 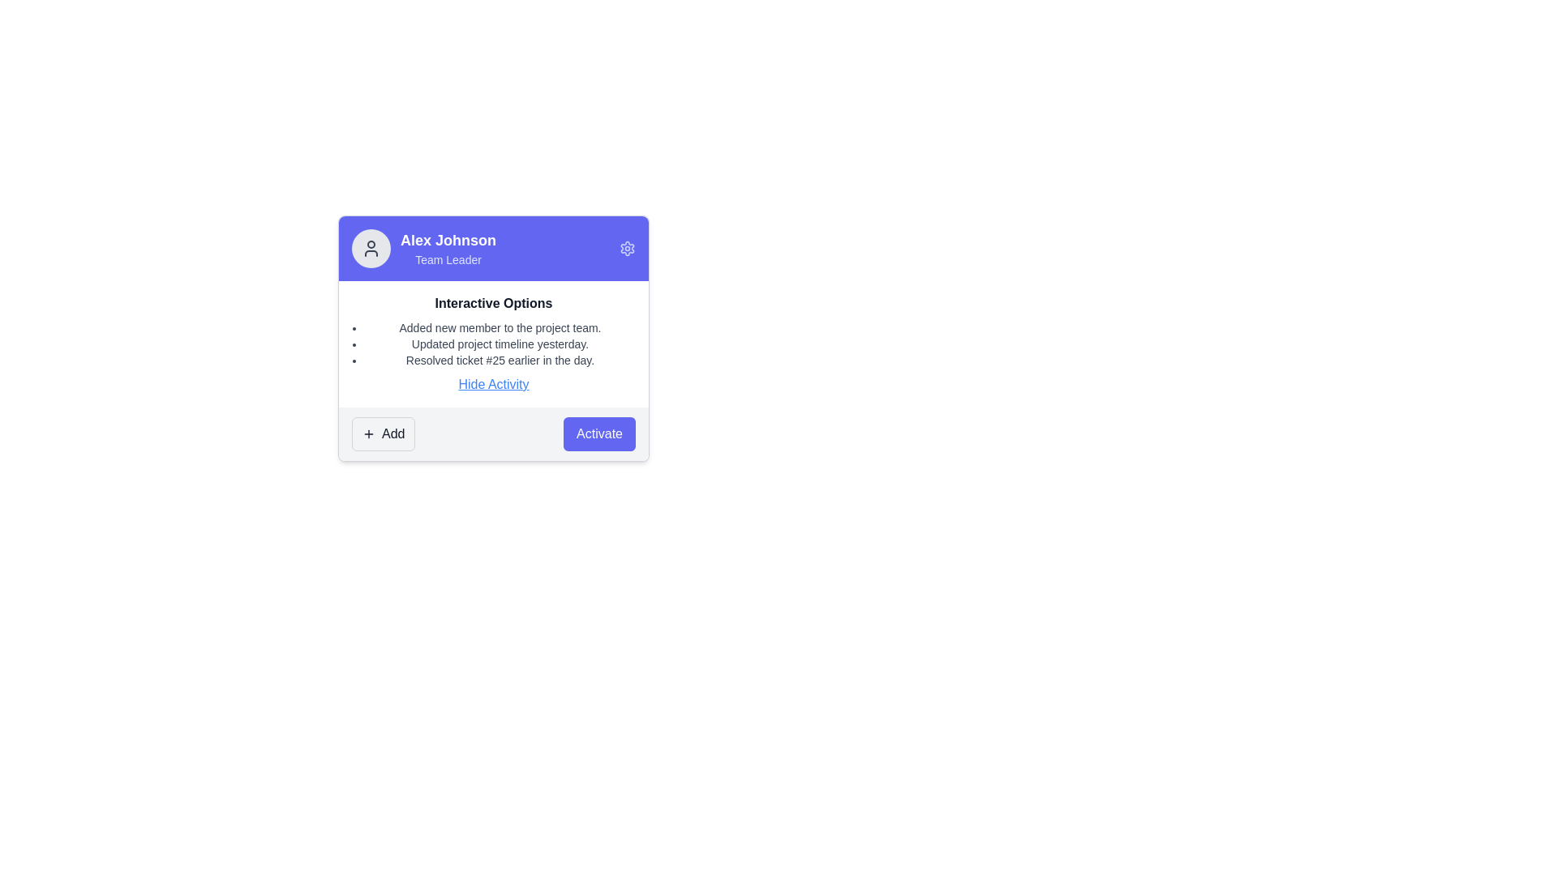 I want to click on text element that provides information about the task or action related to ticket #25, located as the third item in the 'Interactive Options' section, directly below 'Updated project timeline yesterday.', so click(x=500, y=359).